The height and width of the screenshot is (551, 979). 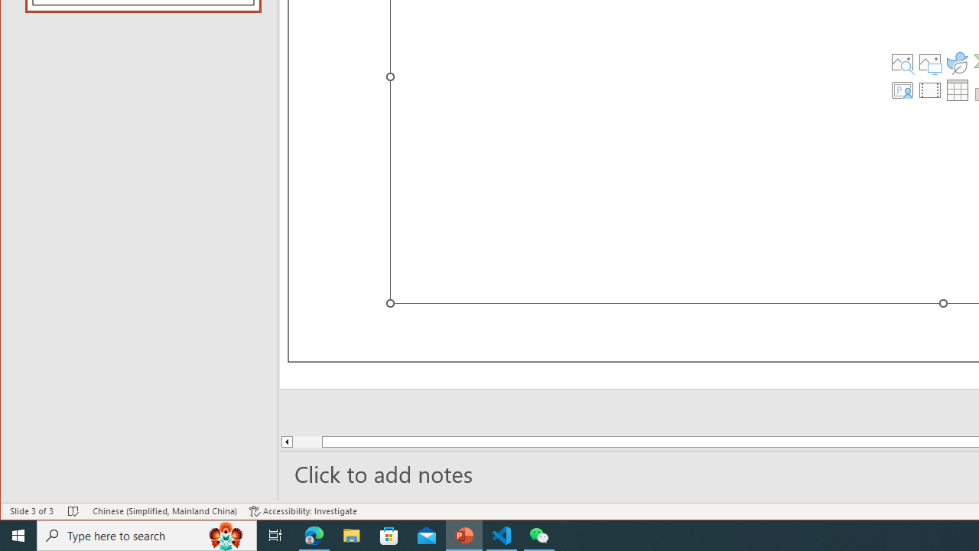 I want to click on 'Visual Studio Code - 1 running window', so click(x=502, y=534).